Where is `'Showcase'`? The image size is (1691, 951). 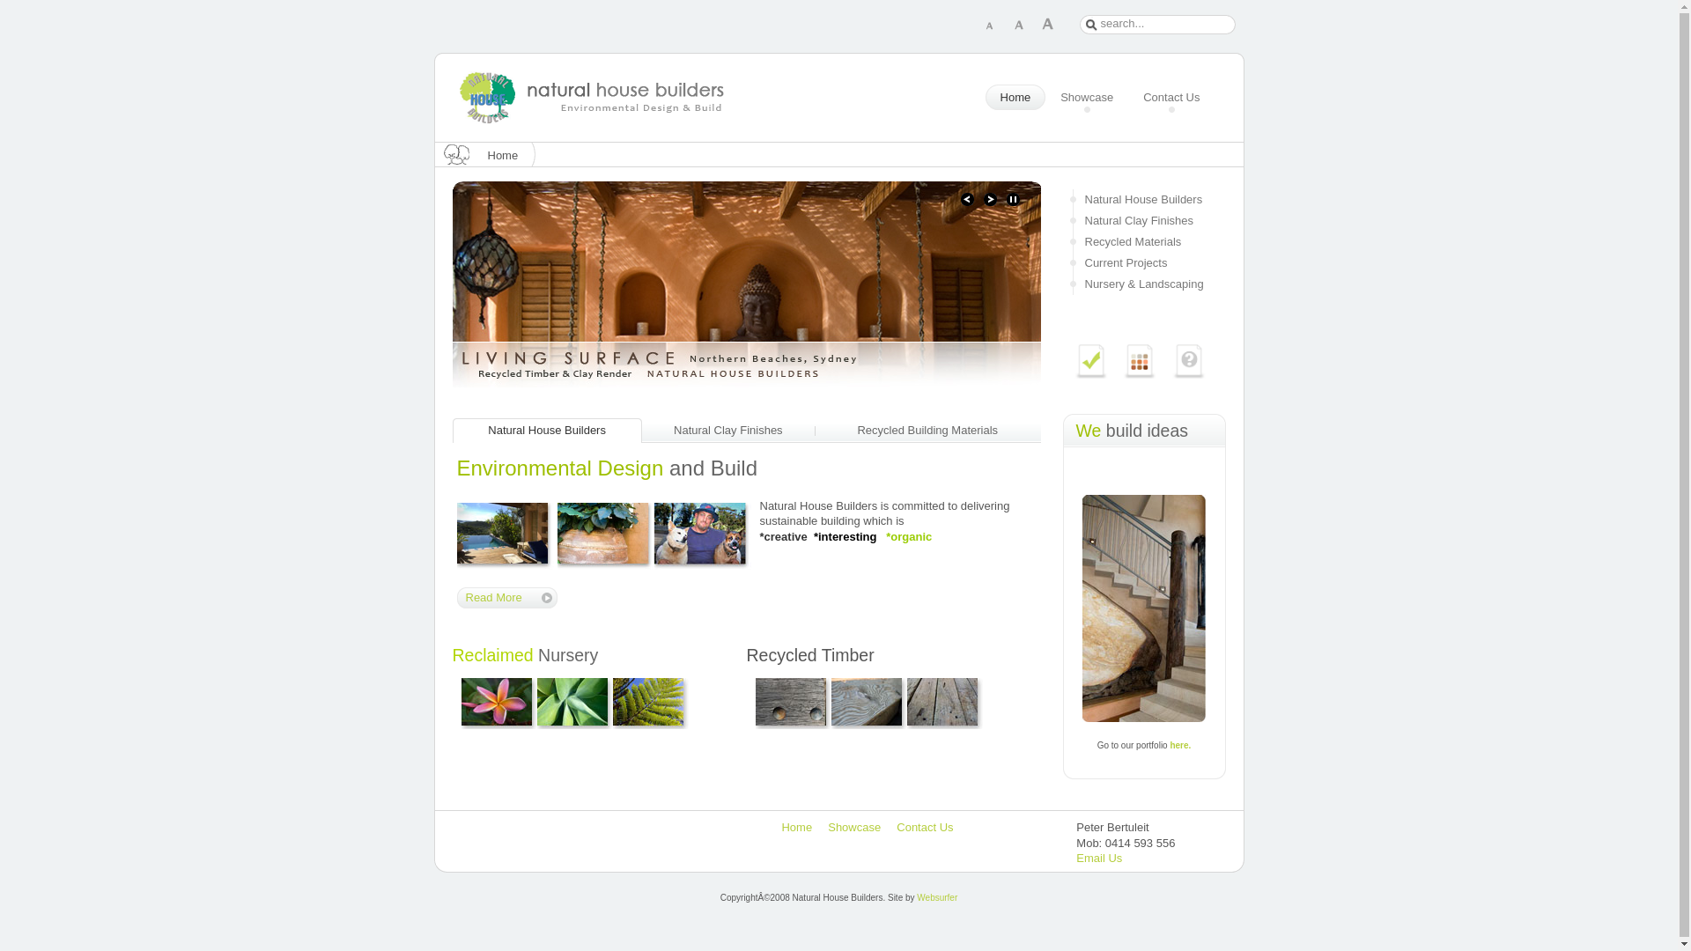 'Showcase' is located at coordinates (1085, 98).